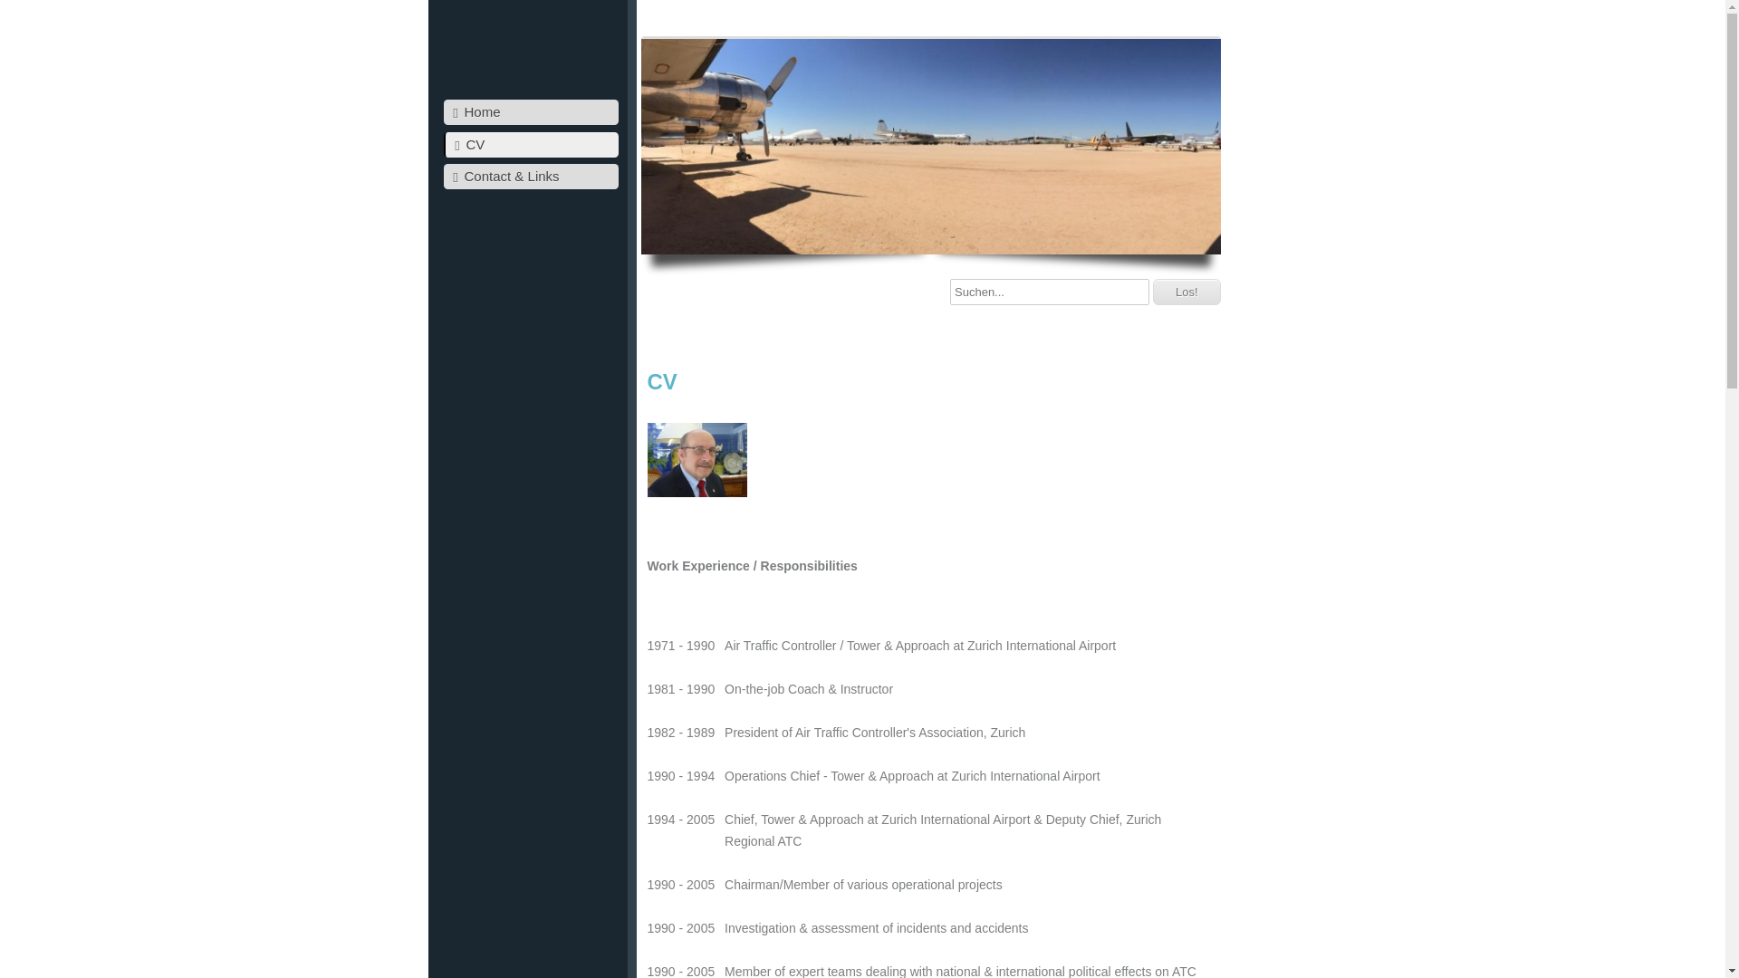  I want to click on 'Los!', so click(1187, 291).